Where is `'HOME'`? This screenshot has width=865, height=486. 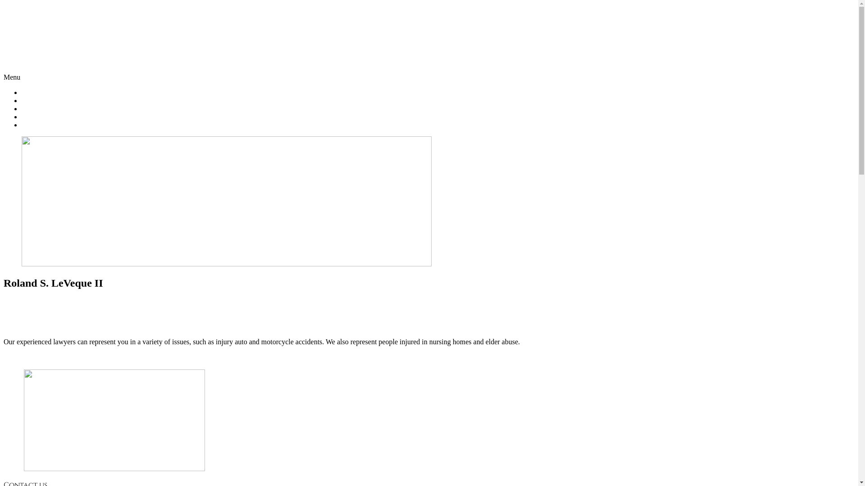
'HOME' is located at coordinates (32, 92).